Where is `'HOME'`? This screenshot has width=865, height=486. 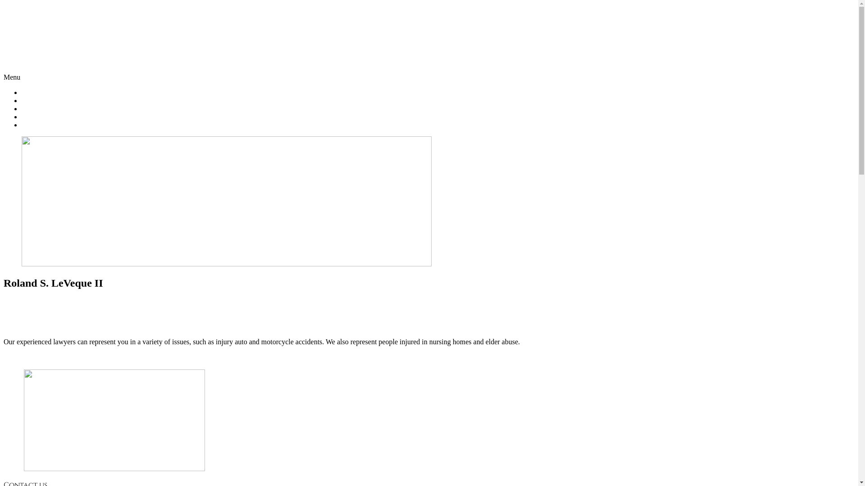
'HOME' is located at coordinates (32, 92).